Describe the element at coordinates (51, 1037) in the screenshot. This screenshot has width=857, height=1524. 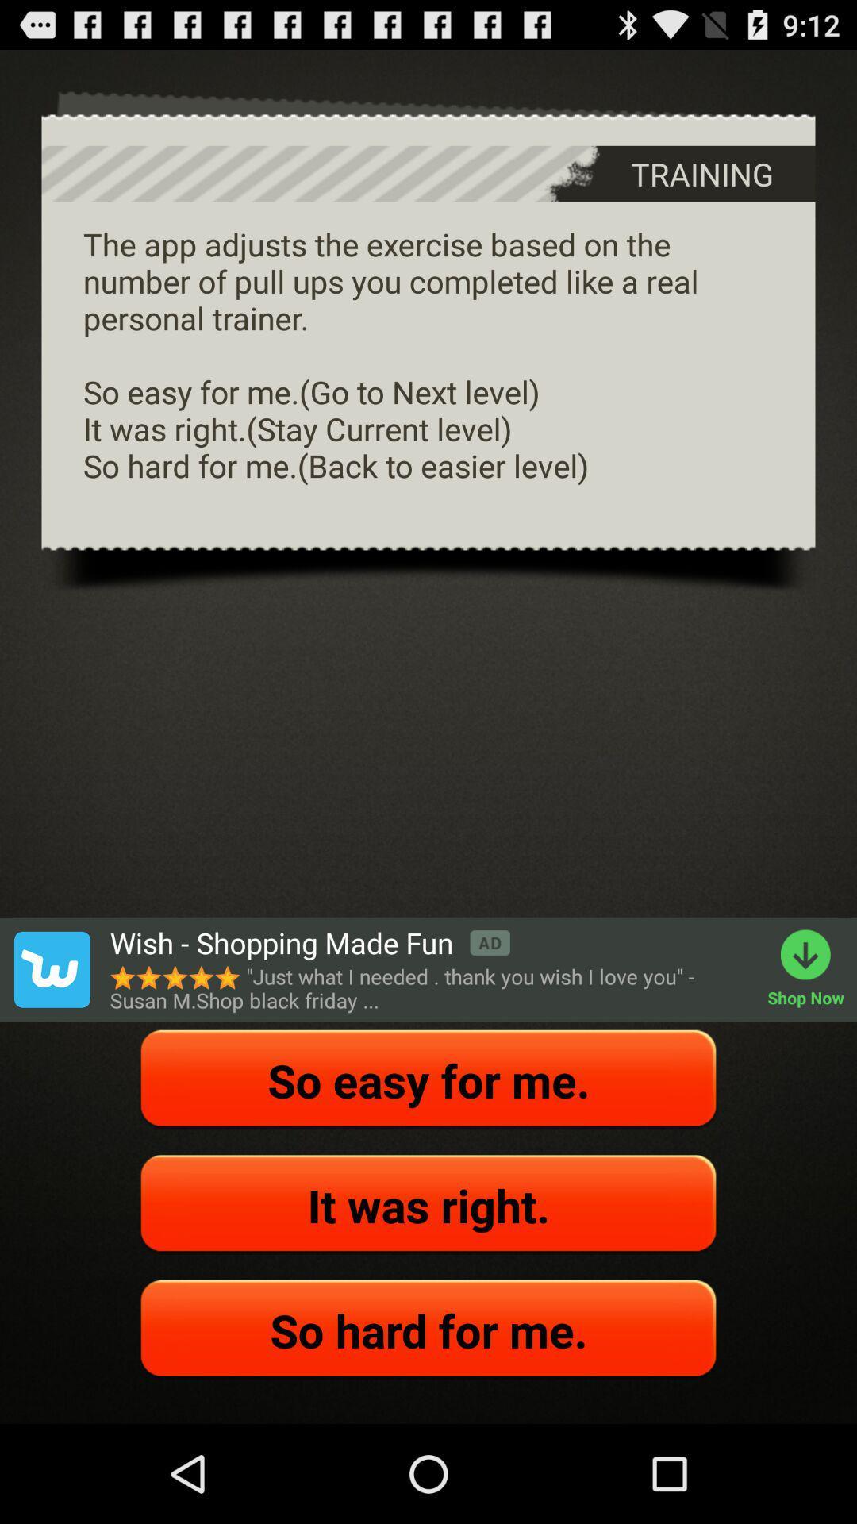
I see `the twitter icon` at that location.